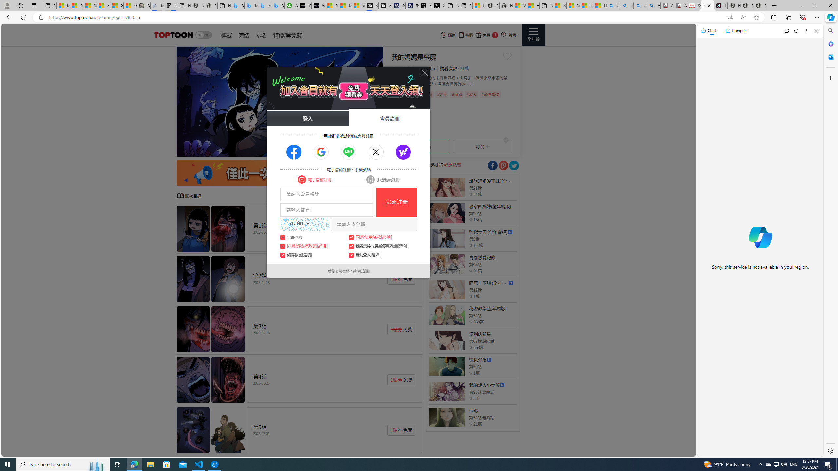  What do you see at coordinates (730, 17) in the screenshot?
I see `'Show translate options'` at bounding box center [730, 17].